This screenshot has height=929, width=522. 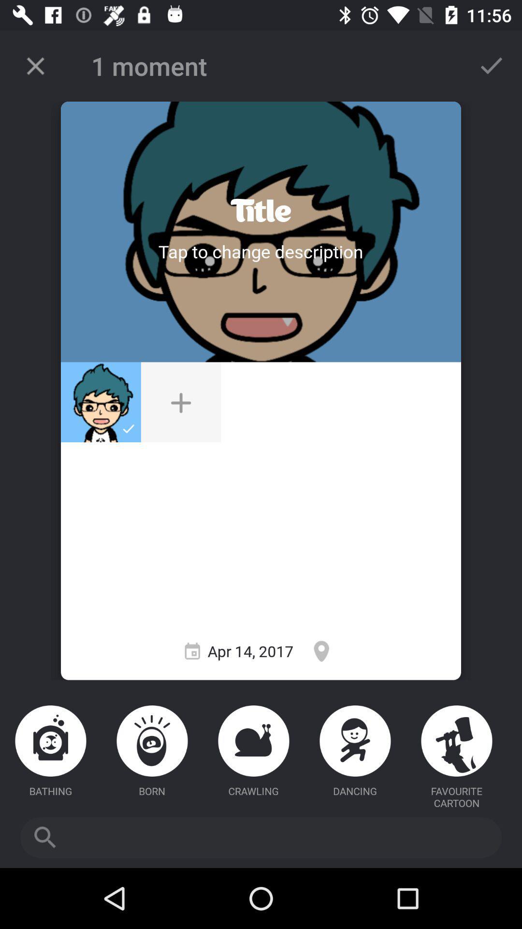 What do you see at coordinates (181, 402) in the screenshot?
I see `image` at bounding box center [181, 402].